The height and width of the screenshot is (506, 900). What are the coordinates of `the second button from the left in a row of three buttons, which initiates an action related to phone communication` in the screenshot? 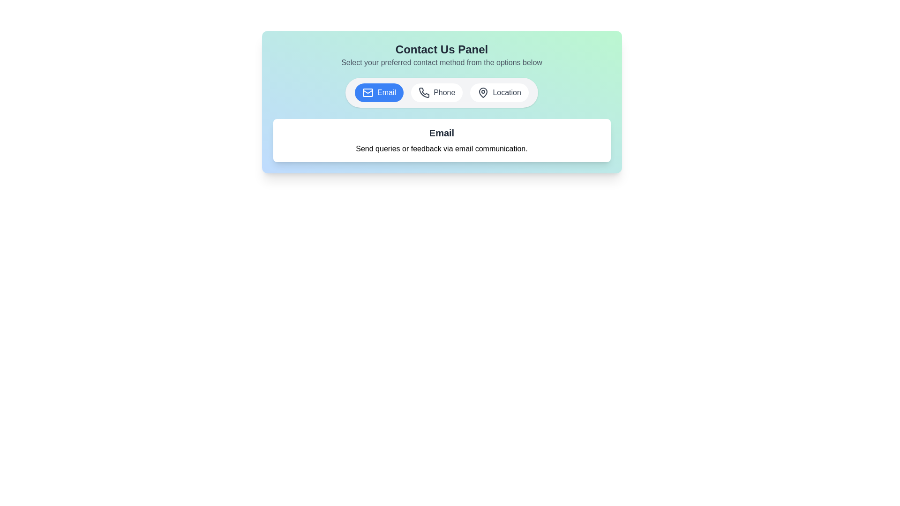 It's located at (441, 92).